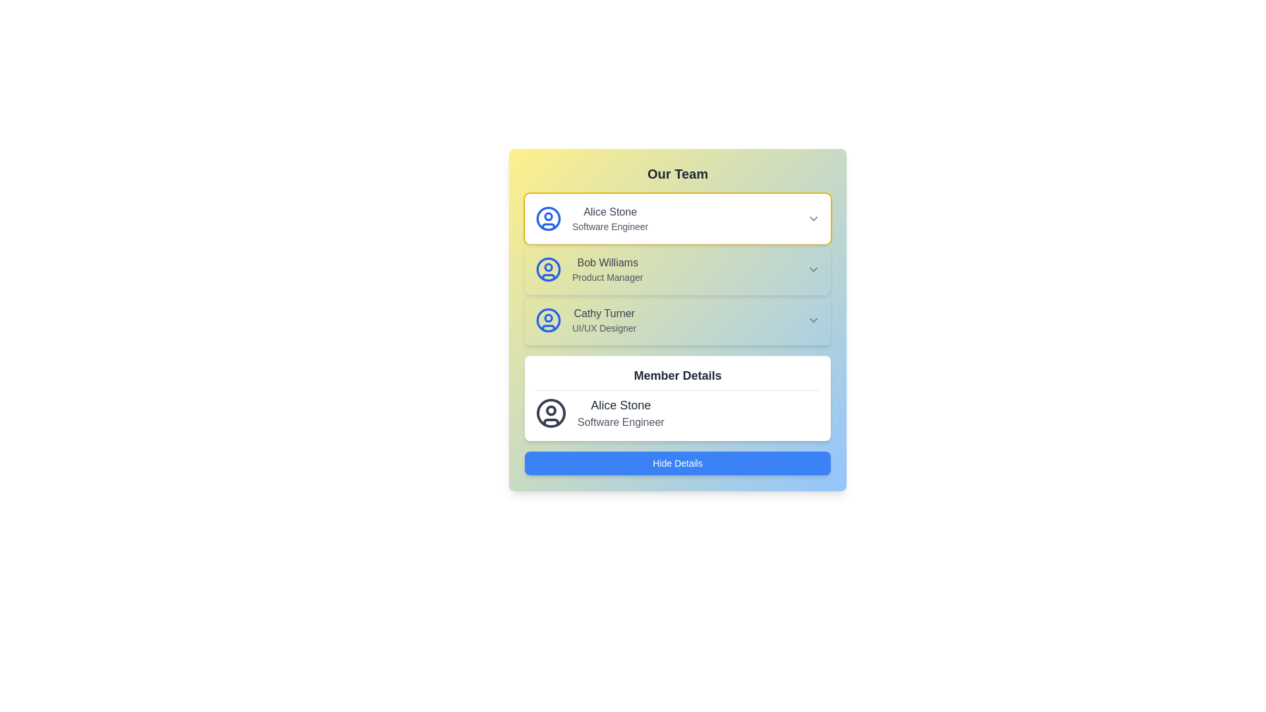  Describe the element at coordinates (607, 262) in the screenshot. I see `the text label displaying the name 'Bob Williams', which is part of the team members section, located in the second panel under 'Our Team'` at that location.